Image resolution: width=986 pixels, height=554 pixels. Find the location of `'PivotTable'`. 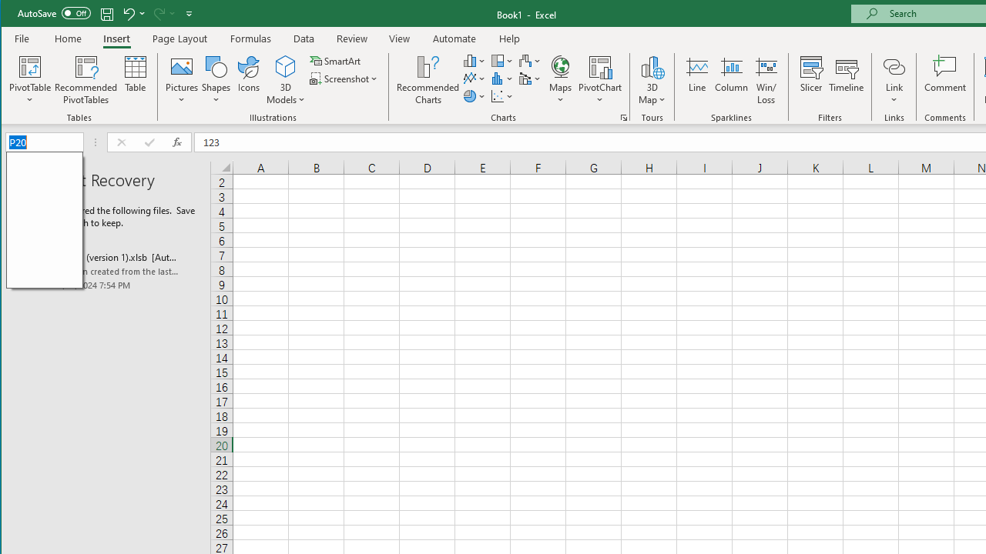

'PivotTable' is located at coordinates (30, 80).